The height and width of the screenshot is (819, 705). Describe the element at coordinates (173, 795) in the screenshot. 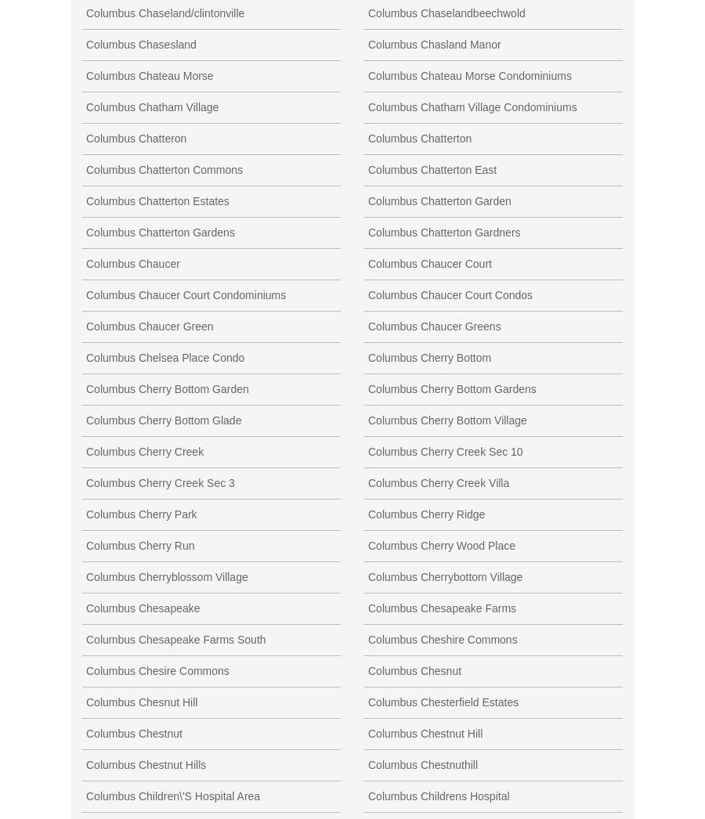

I see `'Columbus Children\'S Hospital Area'` at that location.